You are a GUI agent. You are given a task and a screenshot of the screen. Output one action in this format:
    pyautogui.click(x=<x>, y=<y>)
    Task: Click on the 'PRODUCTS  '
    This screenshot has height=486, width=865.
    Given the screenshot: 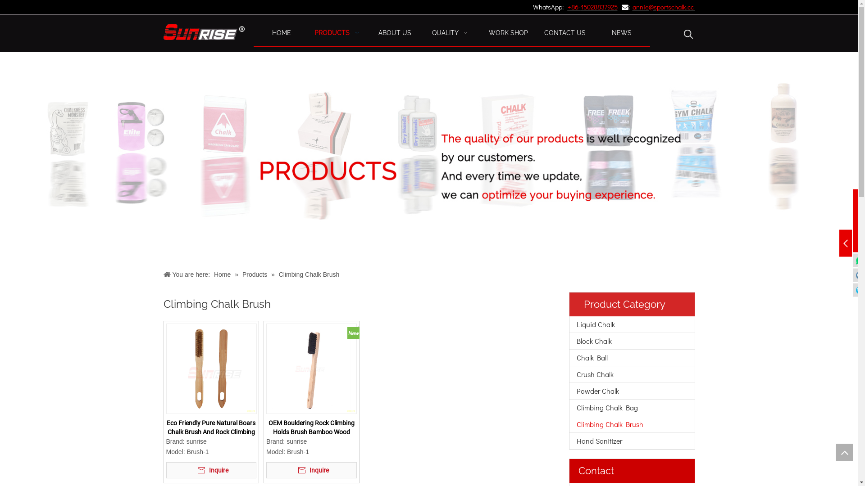 What is the action you would take?
    pyautogui.click(x=337, y=32)
    